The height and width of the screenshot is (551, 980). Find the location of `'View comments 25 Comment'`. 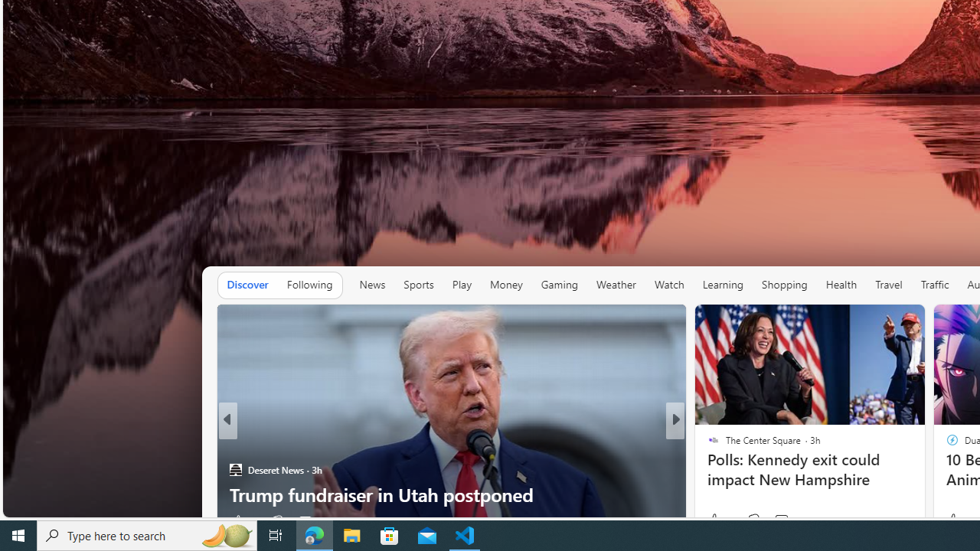

'View comments 25 Comment' is located at coordinates (776, 520).